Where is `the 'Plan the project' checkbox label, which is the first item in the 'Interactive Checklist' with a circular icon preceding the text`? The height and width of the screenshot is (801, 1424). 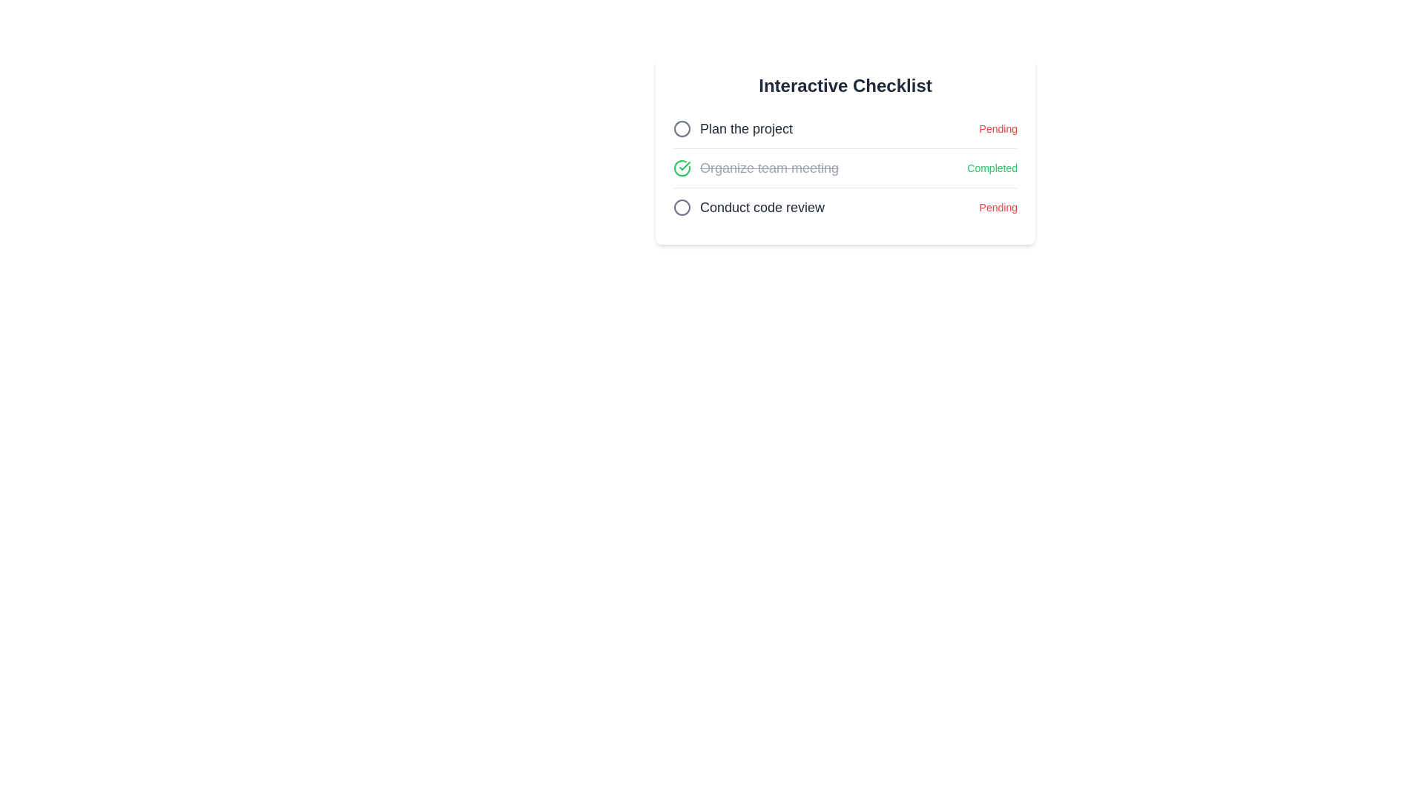 the 'Plan the project' checkbox label, which is the first item in the 'Interactive Checklist' with a circular icon preceding the text is located at coordinates (733, 128).